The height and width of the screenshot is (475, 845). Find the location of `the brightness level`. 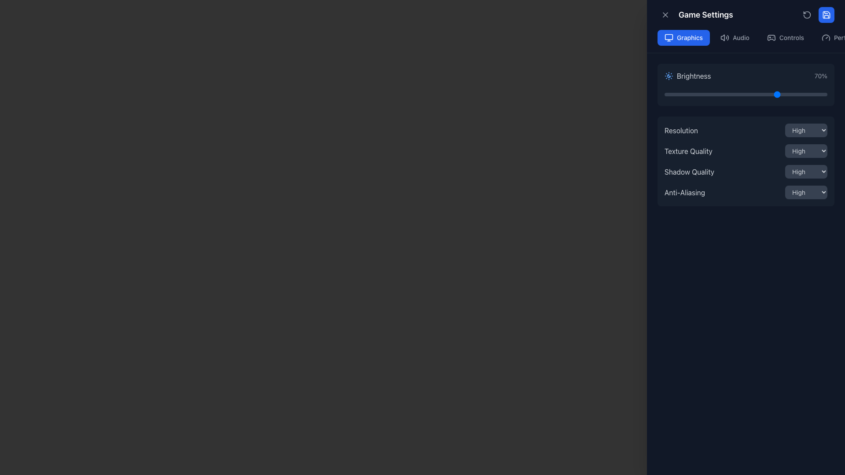

the brightness level is located at coordinates (825, 95).